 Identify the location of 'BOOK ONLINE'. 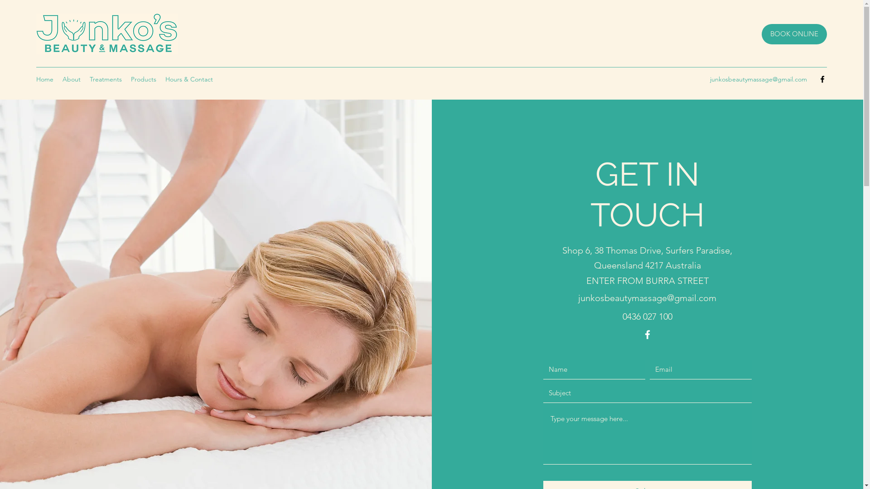
(793, 34).